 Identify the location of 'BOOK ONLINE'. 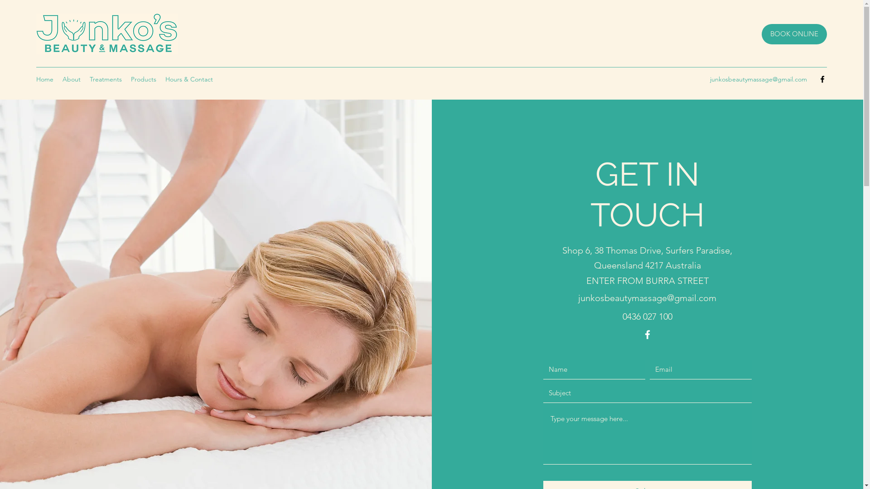
(793, 34).